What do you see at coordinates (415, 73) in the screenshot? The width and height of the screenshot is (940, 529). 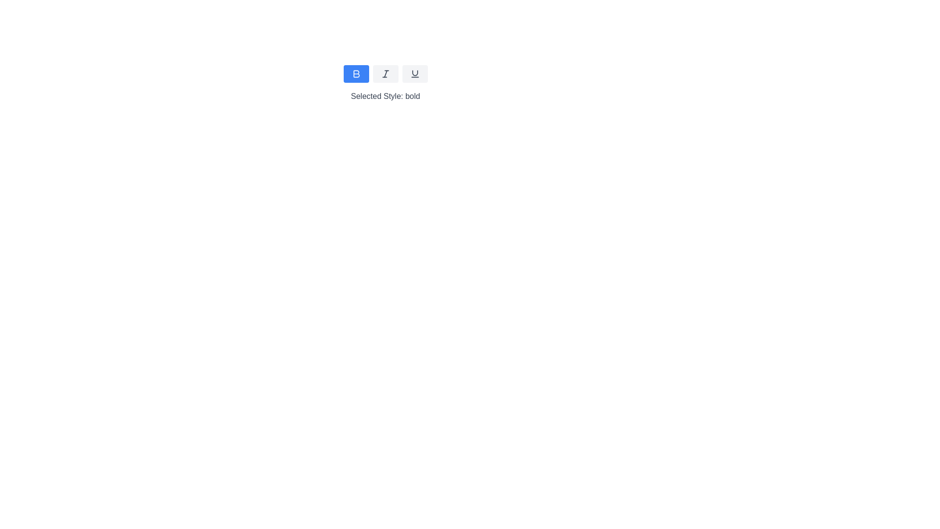 I see `the 'Underline' button to select the underline style` at bounding box center [415, 73].